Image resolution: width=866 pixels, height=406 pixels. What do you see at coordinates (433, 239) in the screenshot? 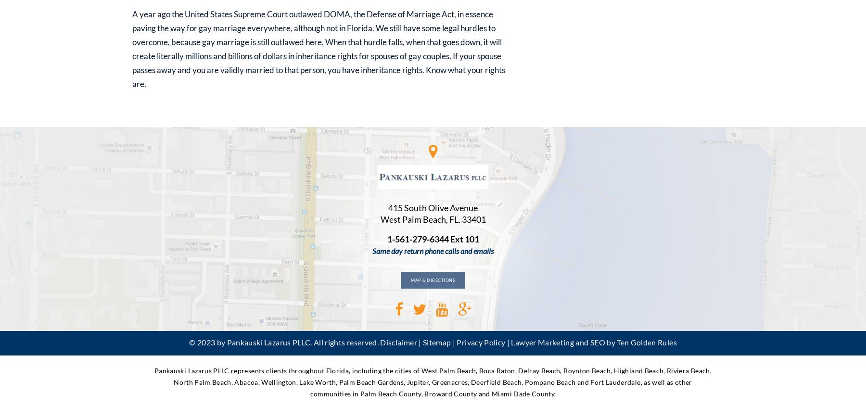
I see `'1-561-279-6344 Ext 101'` at bounding box center [433, 239].